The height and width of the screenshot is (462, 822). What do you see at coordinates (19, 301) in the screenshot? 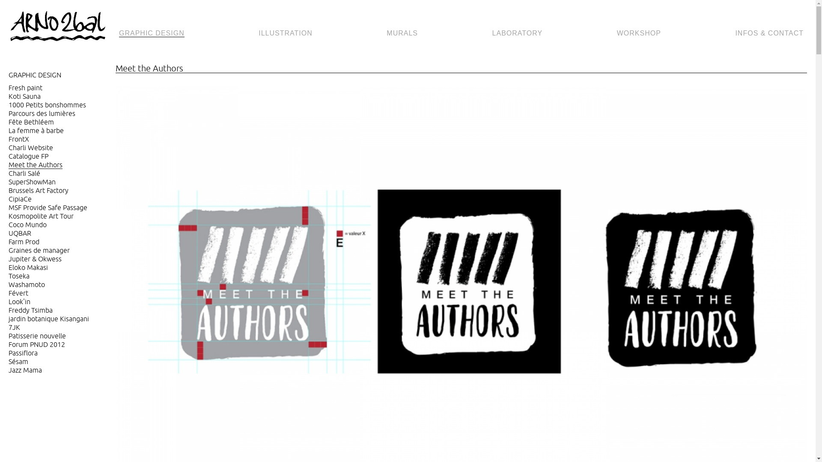
I see `'Look'in'` at bounding box center [19, 301].